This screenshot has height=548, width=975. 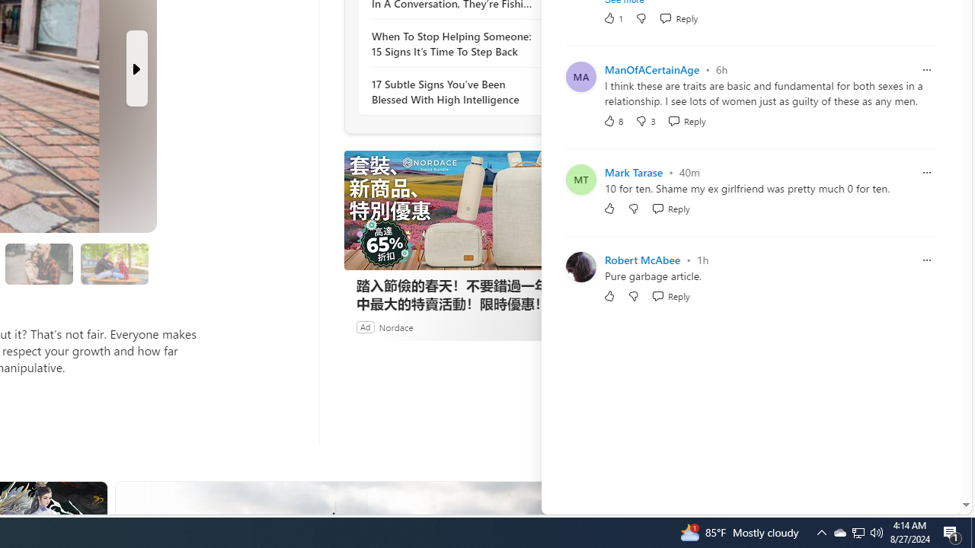 I want to click on '8 Like', so click(x=613, y=119).